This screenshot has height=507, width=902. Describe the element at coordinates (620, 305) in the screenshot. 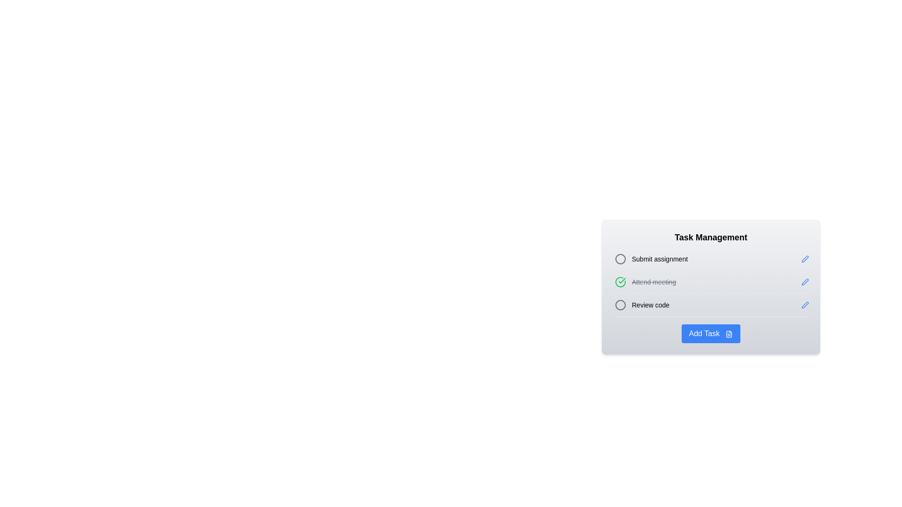

I see `the selection indicator of the Interactive SVG graphic located` at that location.